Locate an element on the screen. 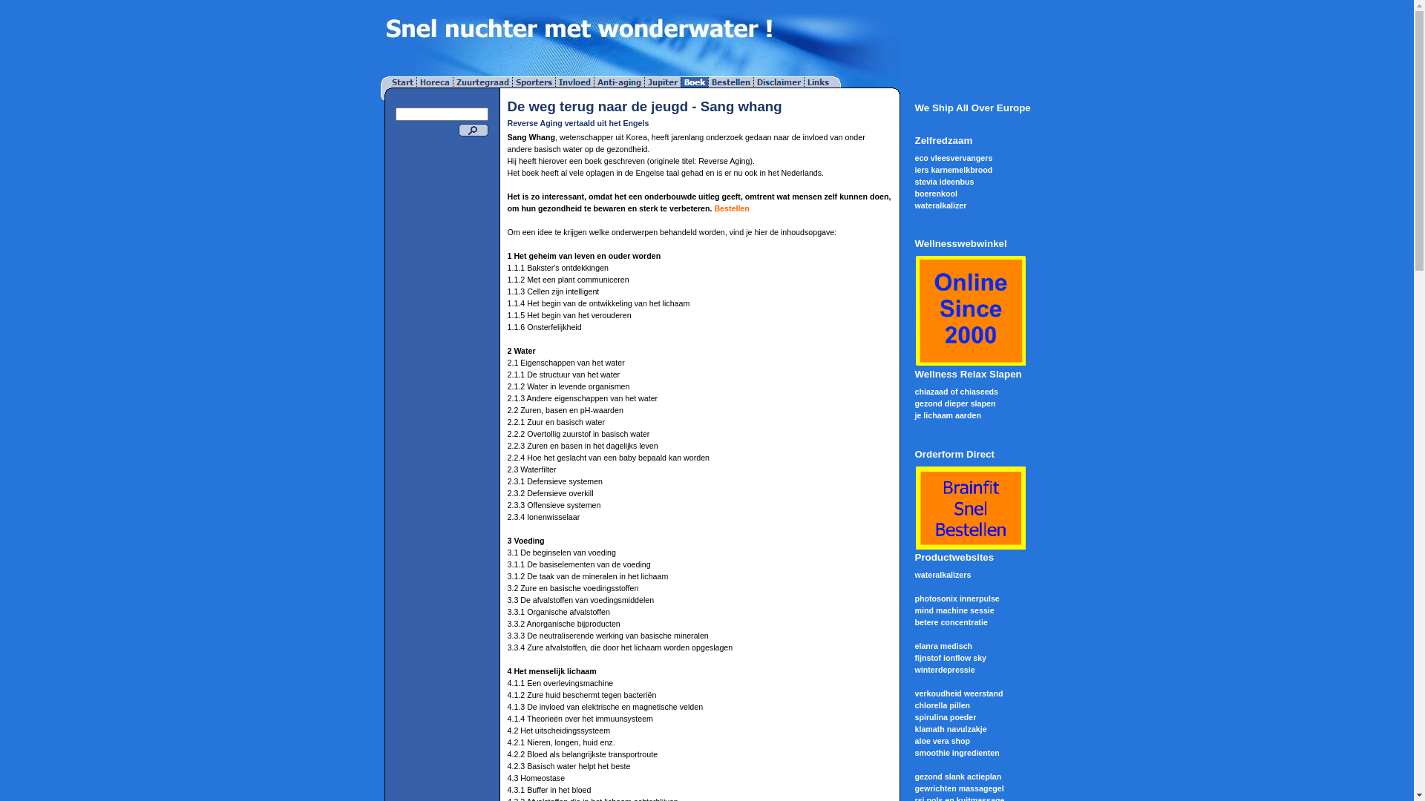 The image size is (1425, 801). 'gewrichten massagegel' is located at coordinates (958, 788).